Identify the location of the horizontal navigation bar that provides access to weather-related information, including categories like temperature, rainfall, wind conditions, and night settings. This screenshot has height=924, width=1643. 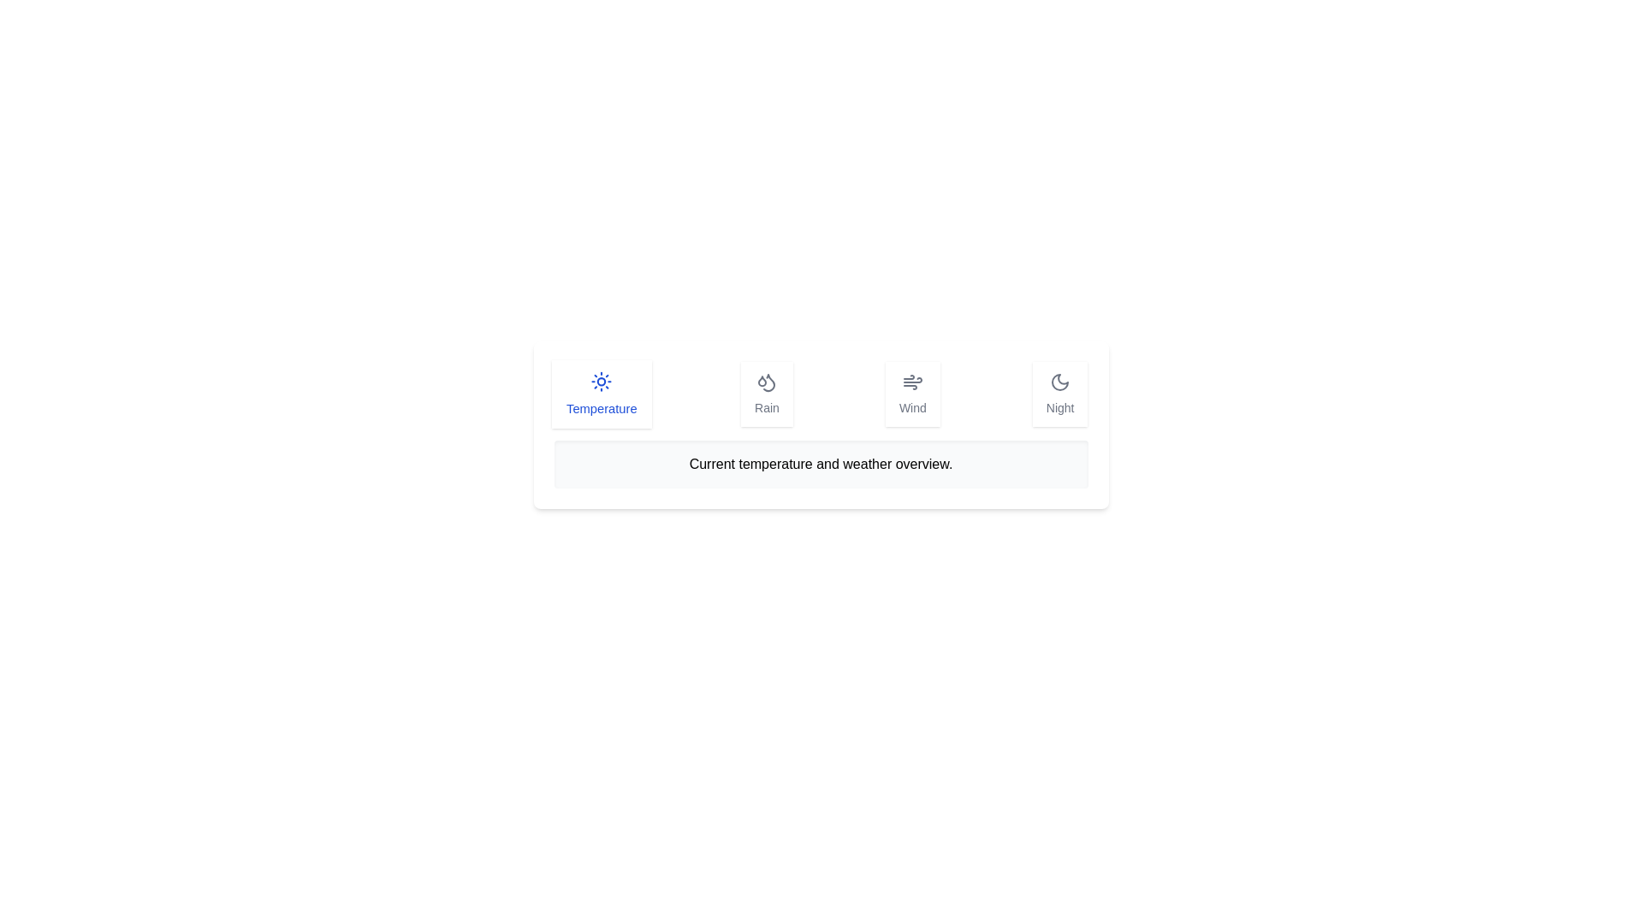
(820, 394).